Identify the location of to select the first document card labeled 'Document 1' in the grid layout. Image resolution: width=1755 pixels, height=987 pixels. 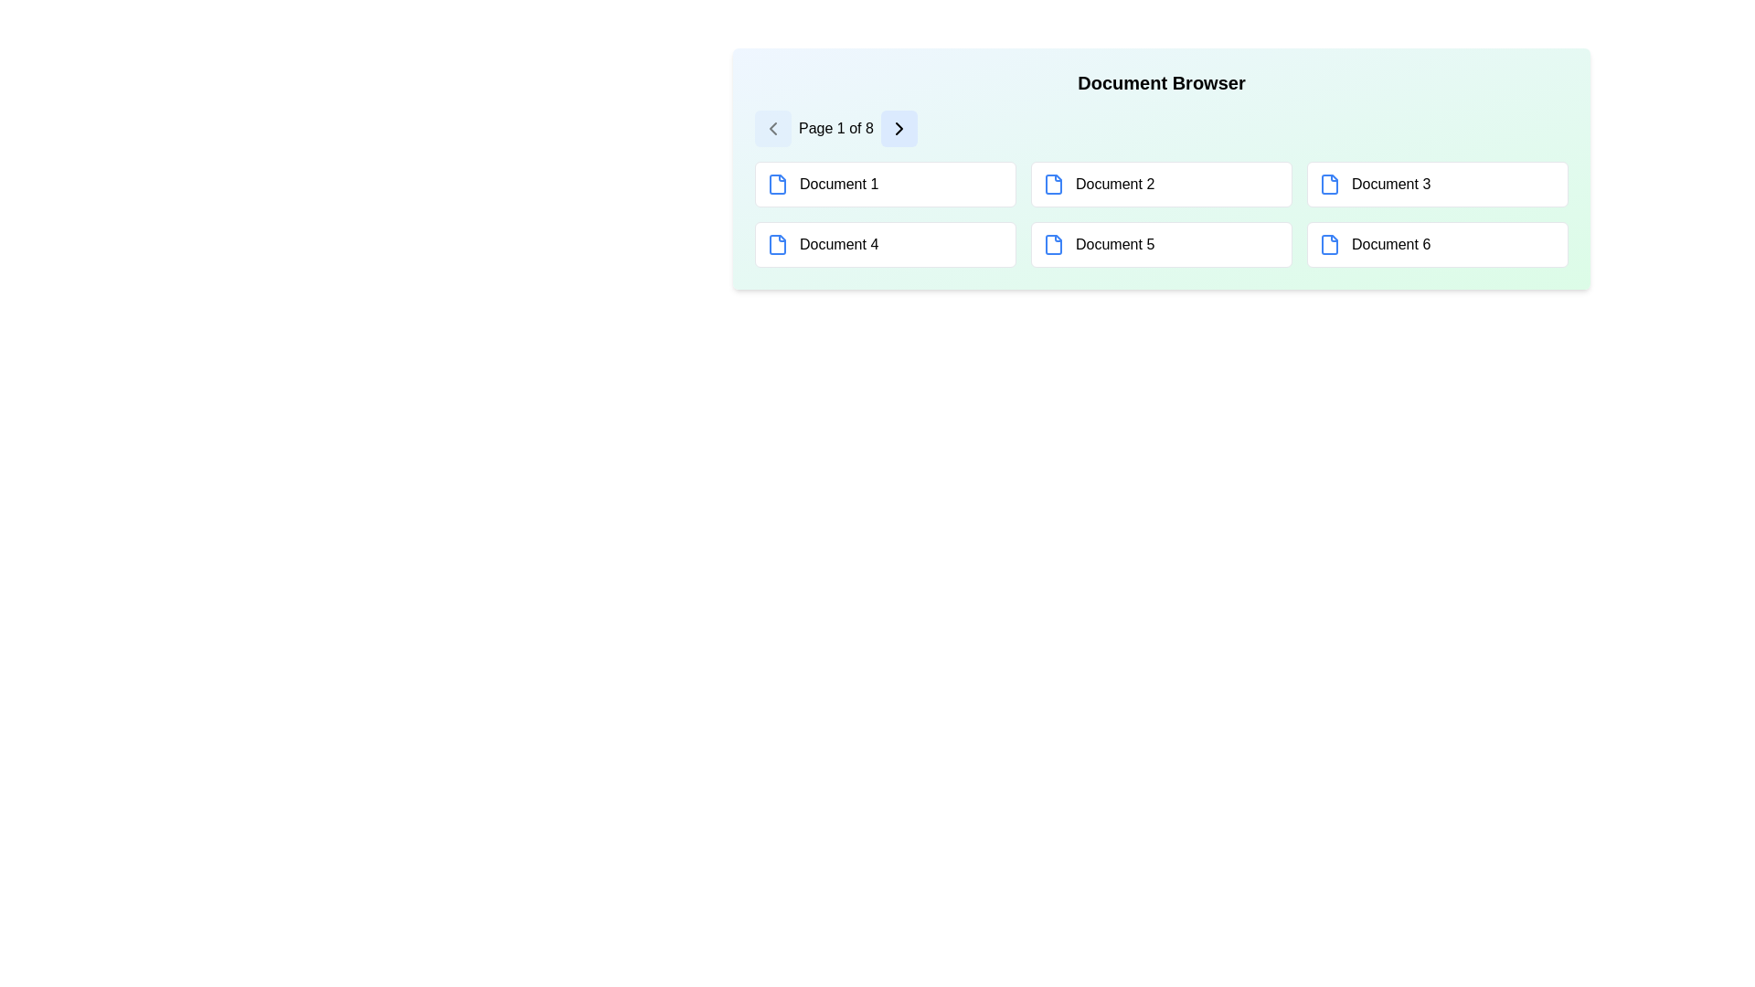
(886, 184).